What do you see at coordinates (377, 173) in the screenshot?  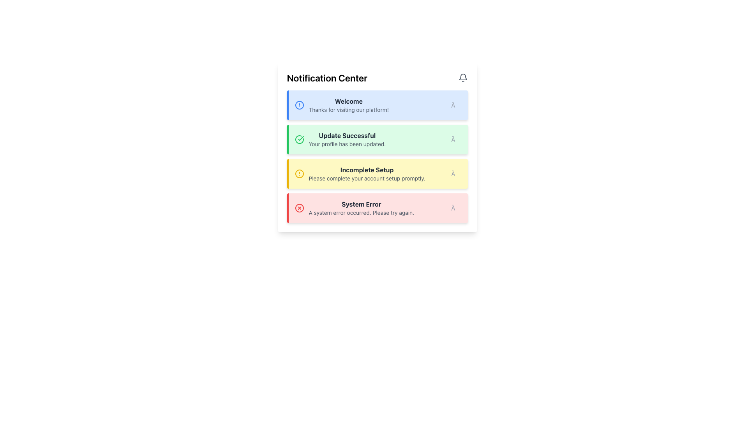 I see `notification card informing about the incomplete setup of the account located in the Notification Center, positioned between the 'Update Successful' and 'System Error' notifications` at bounding box center [377, 173].